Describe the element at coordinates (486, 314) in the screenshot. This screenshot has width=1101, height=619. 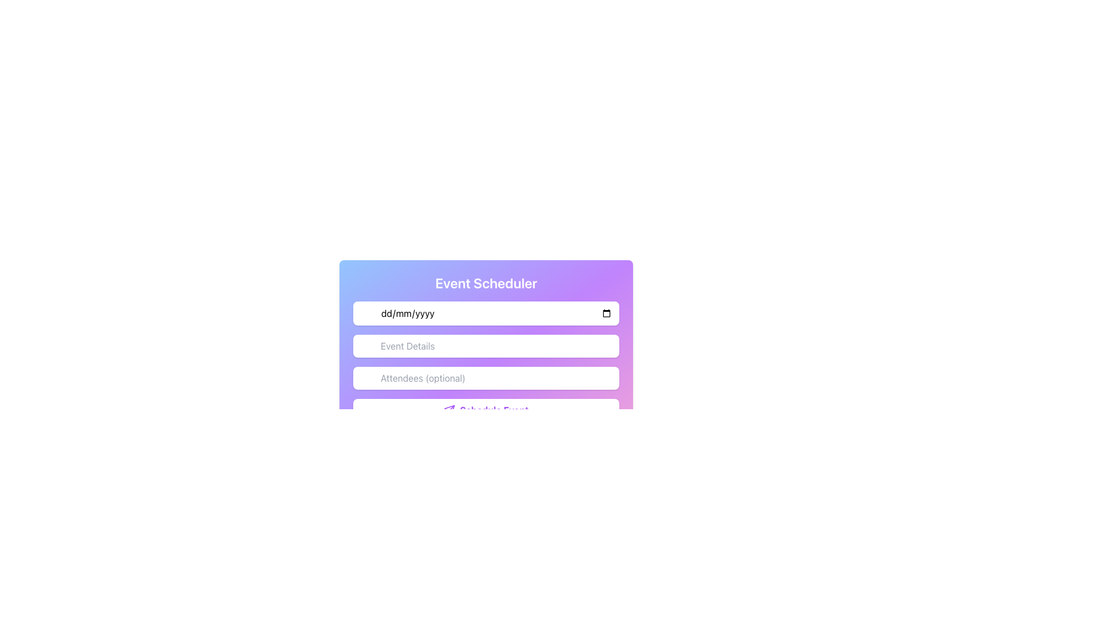
I see `to focus the date input field located at the top of the 'Event Scheduler' form, which allows users` at that location.